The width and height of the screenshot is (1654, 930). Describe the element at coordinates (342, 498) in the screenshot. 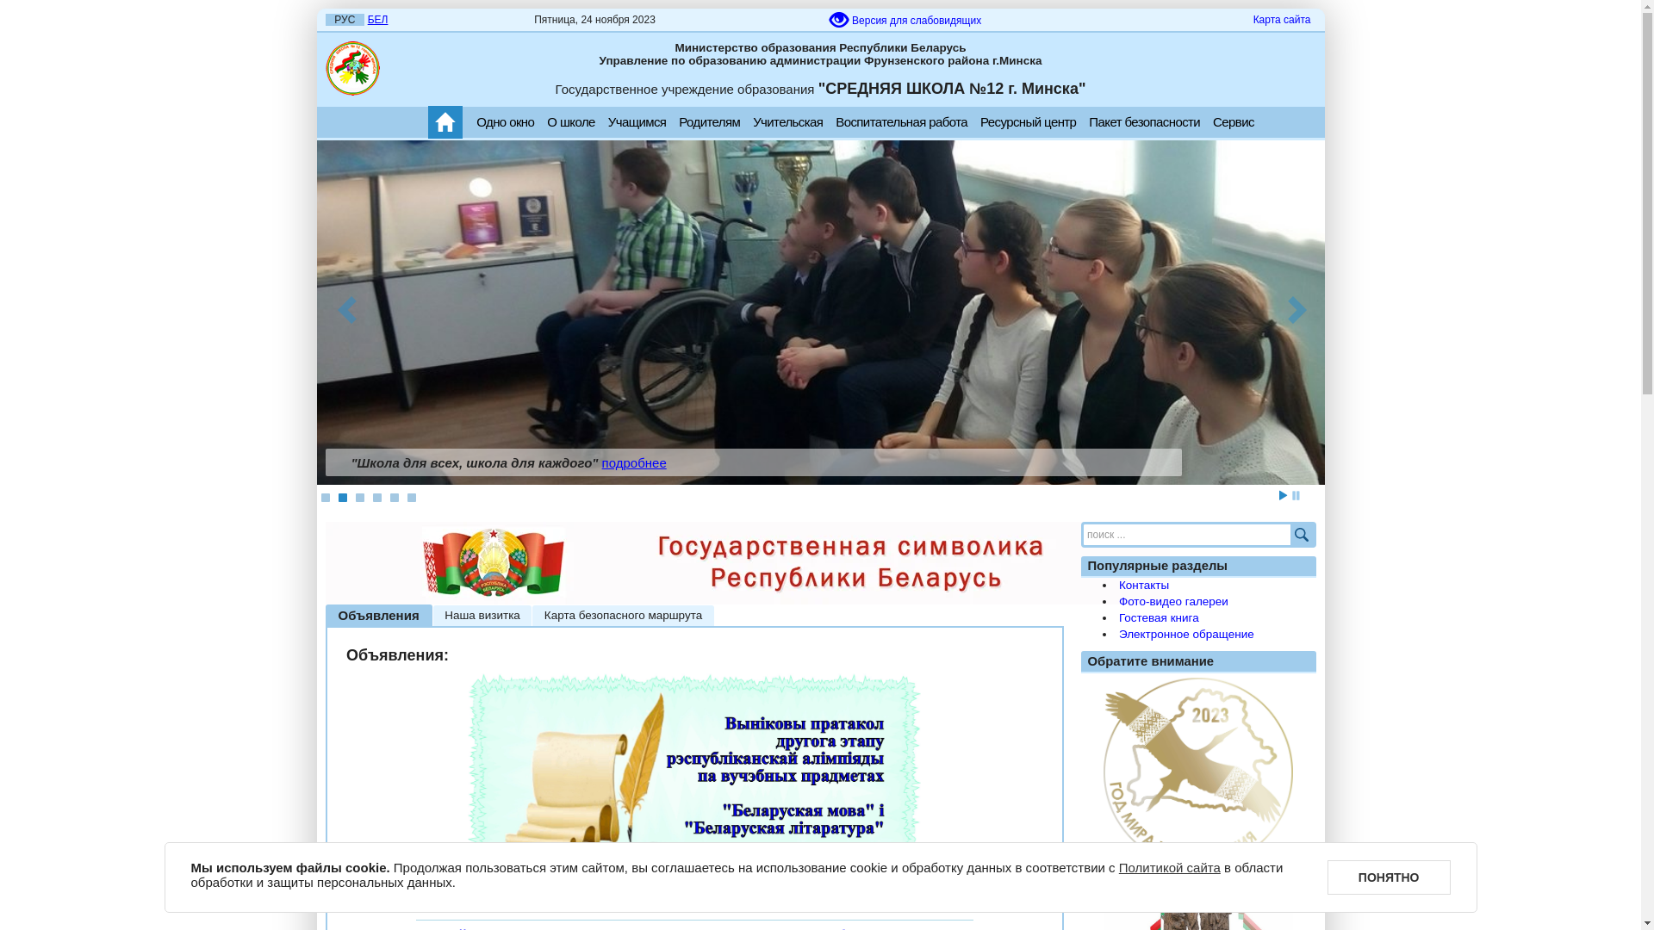

I see `'2'` at that location.